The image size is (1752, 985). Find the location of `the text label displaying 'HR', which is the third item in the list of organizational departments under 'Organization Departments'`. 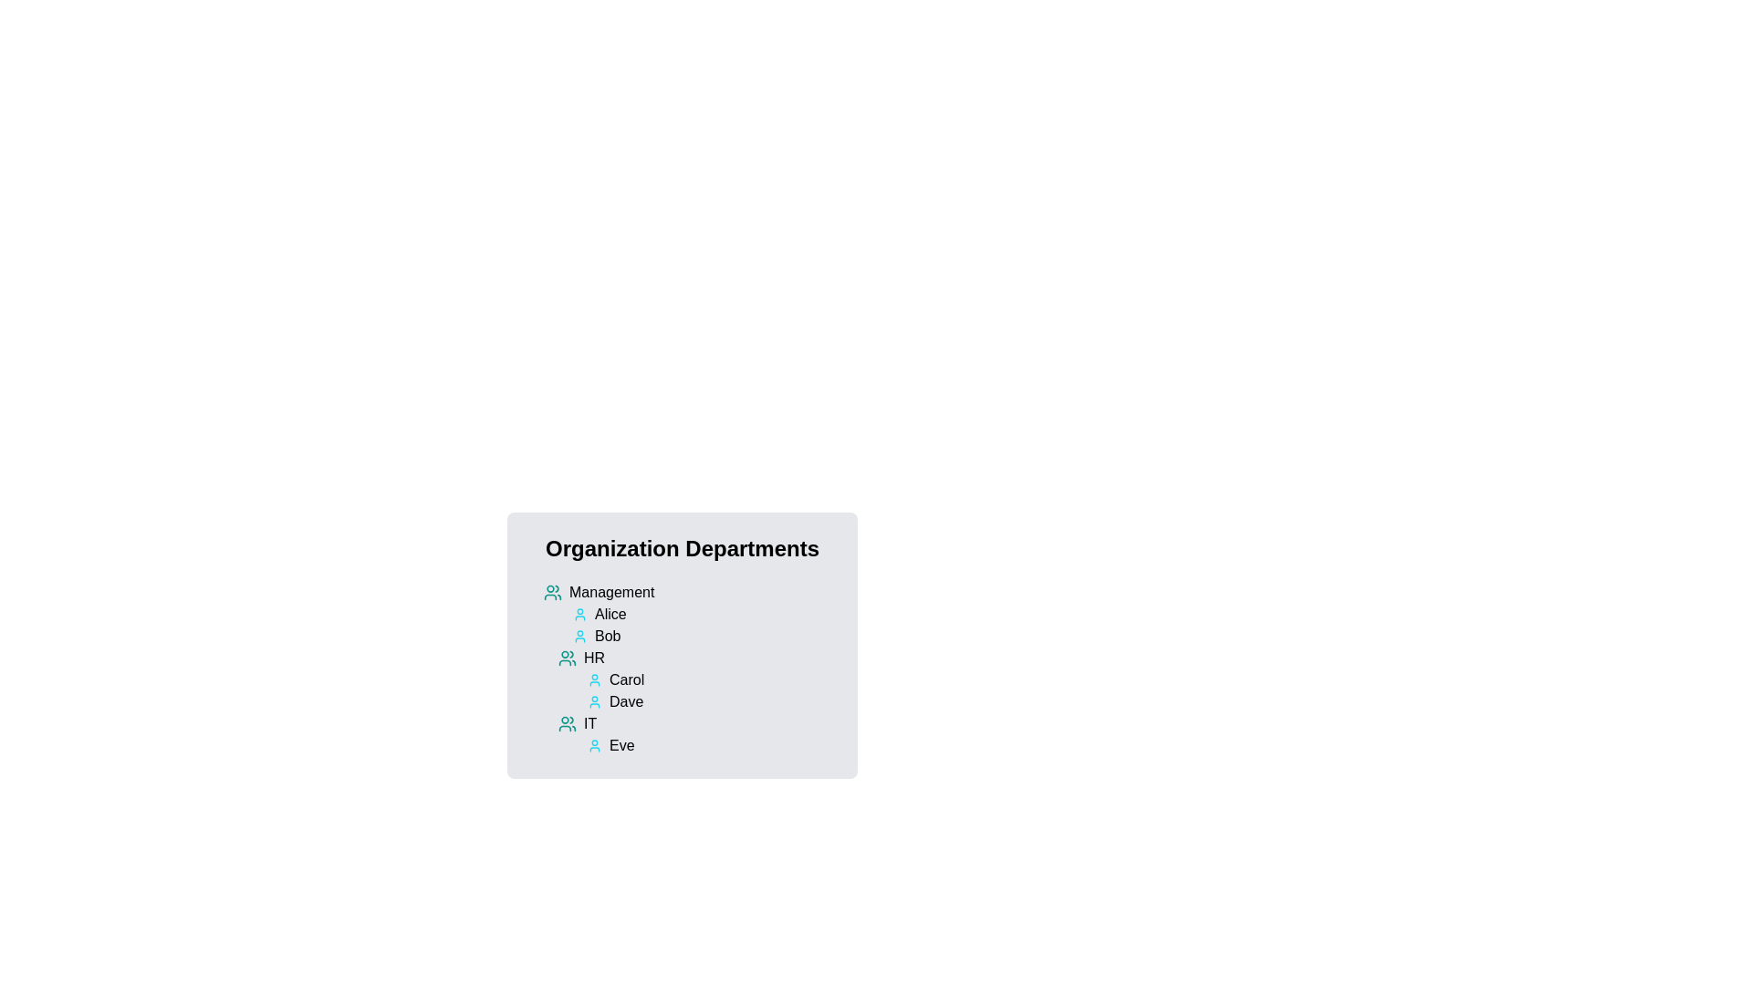

the text label displaying 'HR', which is the third item in the list of organizational departments under 'Organization Departments' is located at coordinates (594, 658).